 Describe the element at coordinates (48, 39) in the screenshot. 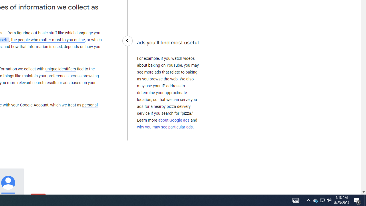

I see `'the people who matter most to you online'` at that location.